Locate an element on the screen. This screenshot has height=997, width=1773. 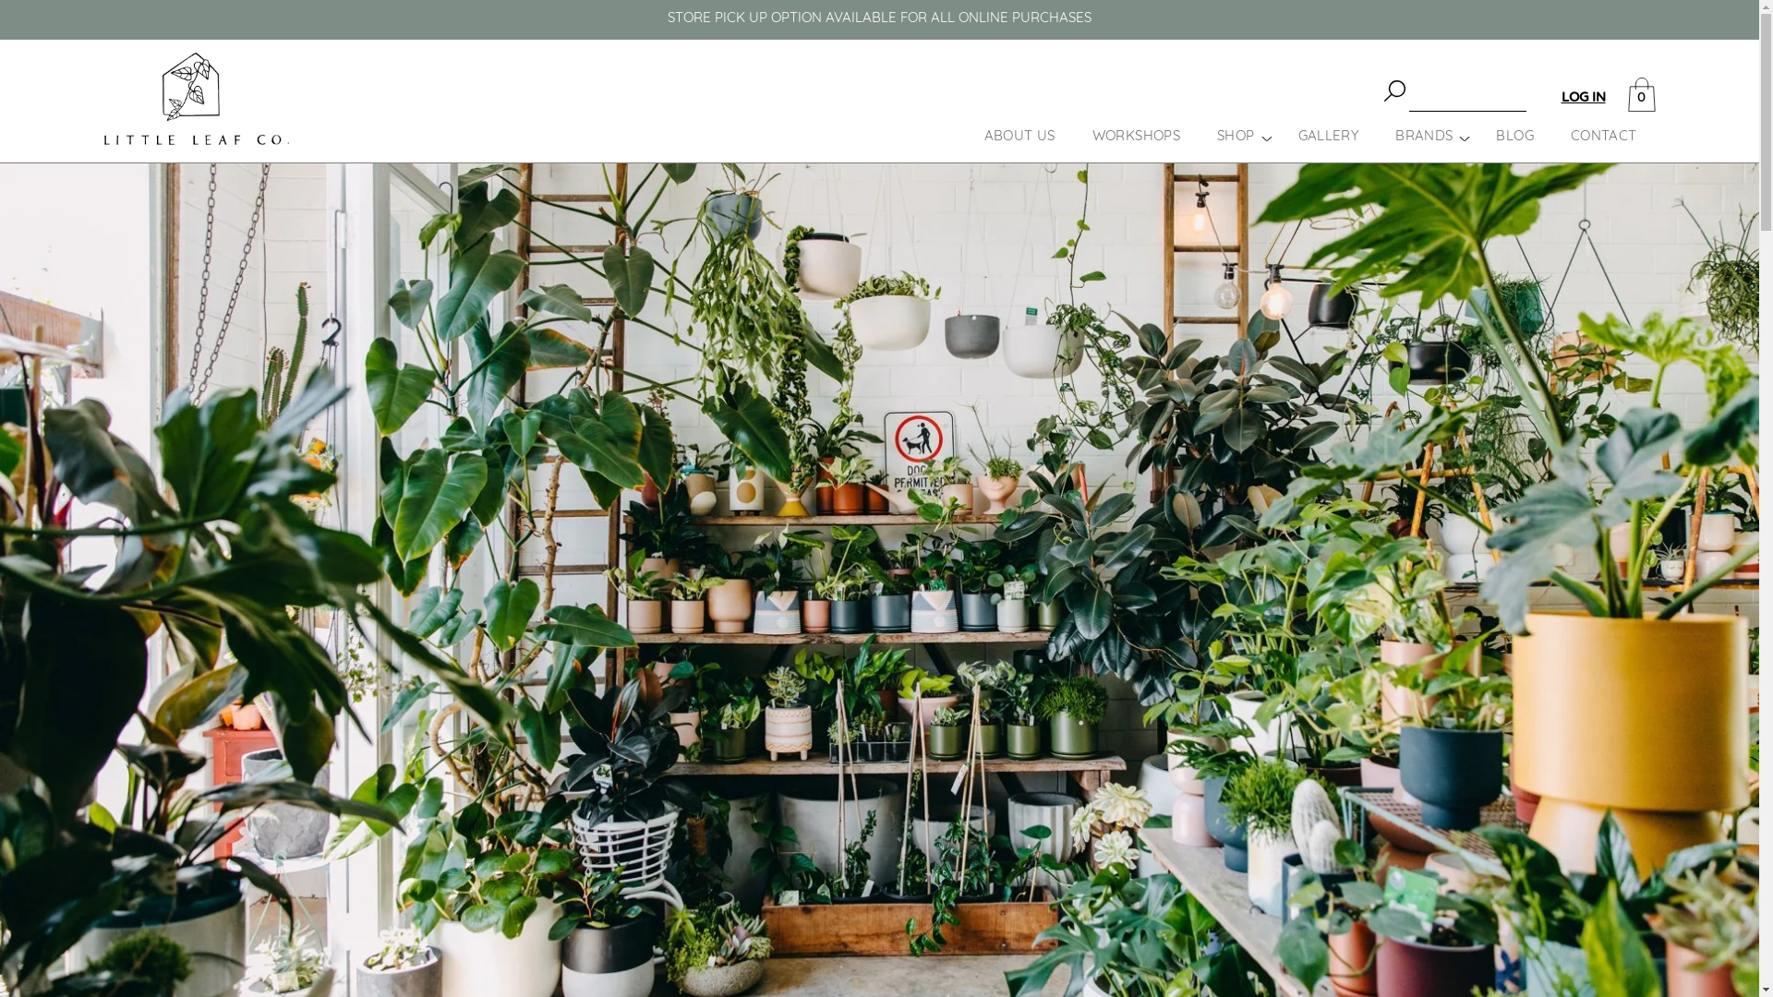
'SHOP' is located at coordinates (1236, 136).